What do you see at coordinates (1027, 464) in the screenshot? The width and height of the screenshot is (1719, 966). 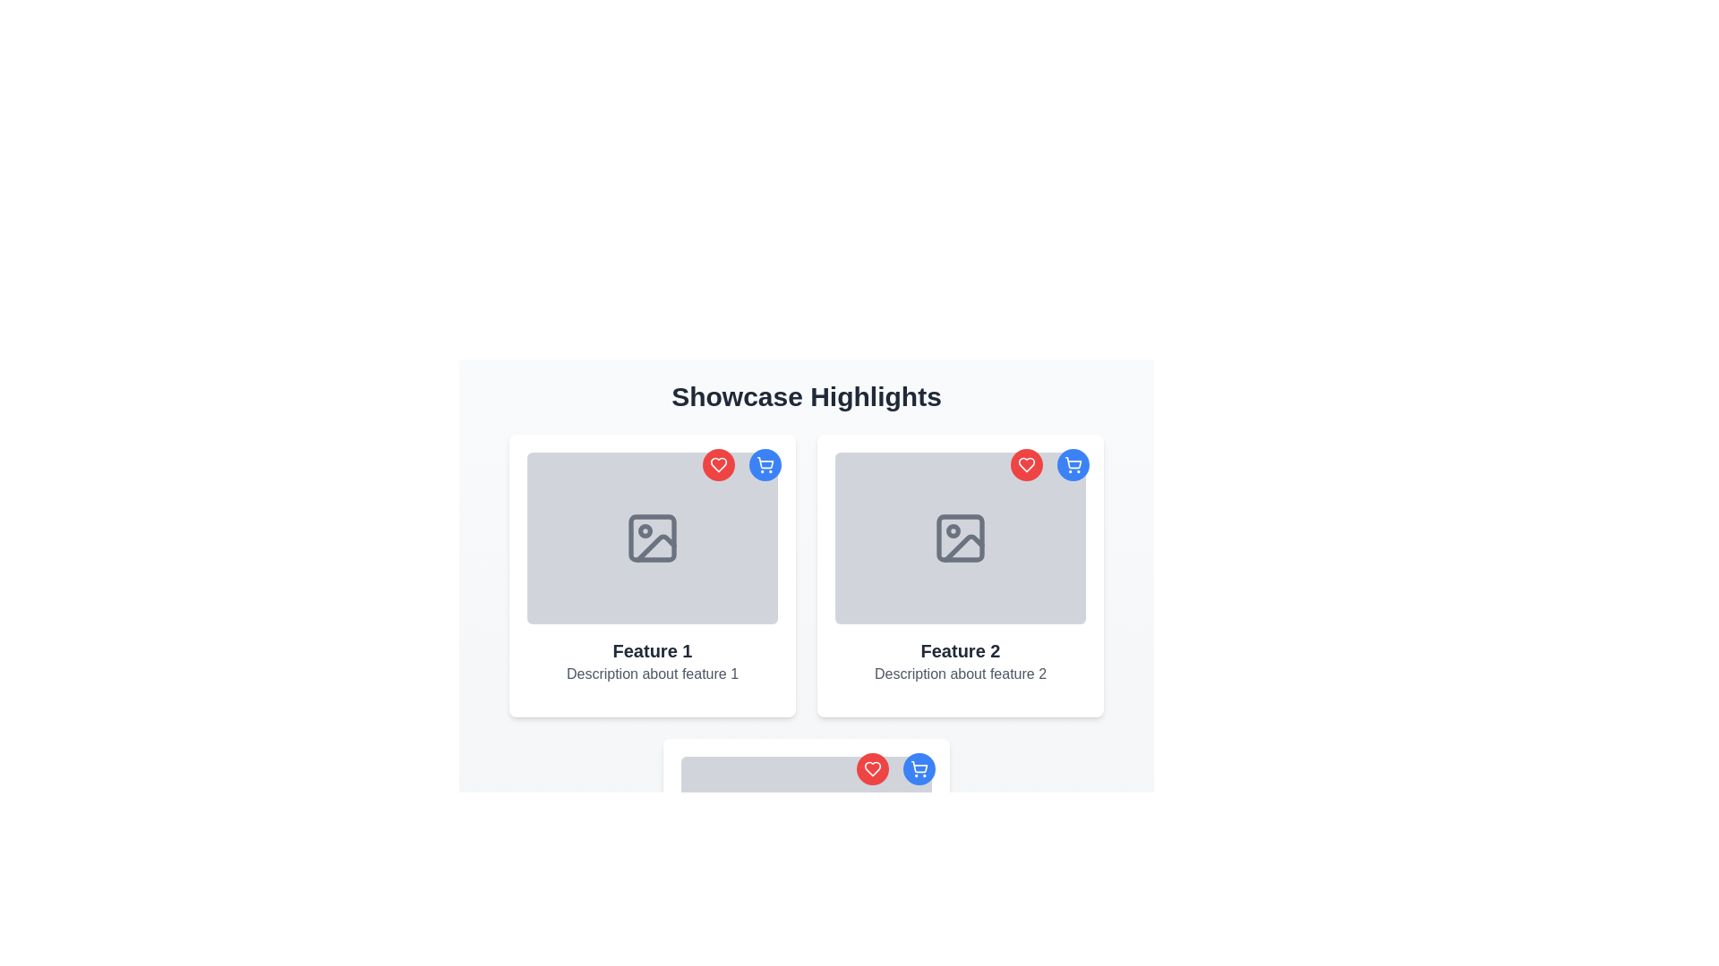 I see `the circular red button with a white heart icon located in the top-right corner of the second feature card to favorite the item` at bounding box center [1027, 464].